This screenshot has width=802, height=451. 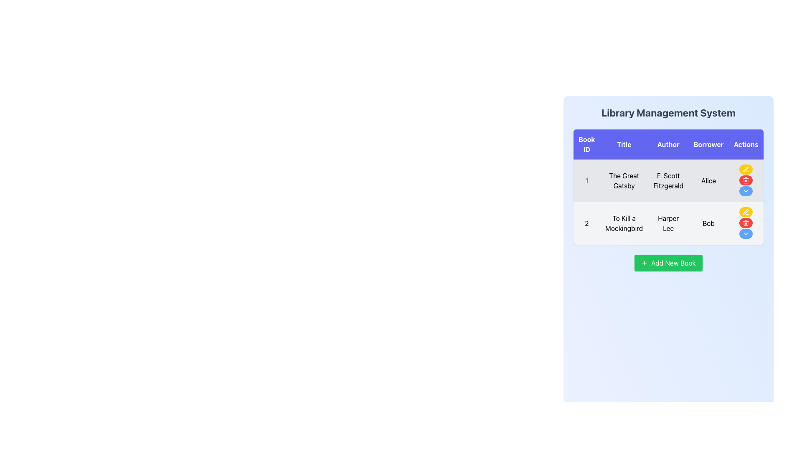 What do you see at coordinates (708, 180) in the screenshot?
I see `the Text Display that shows the text 'Alice' in the 'Borrower' column of the table for the book 'The Great Gatsby'` at bounding box center [708, 180].